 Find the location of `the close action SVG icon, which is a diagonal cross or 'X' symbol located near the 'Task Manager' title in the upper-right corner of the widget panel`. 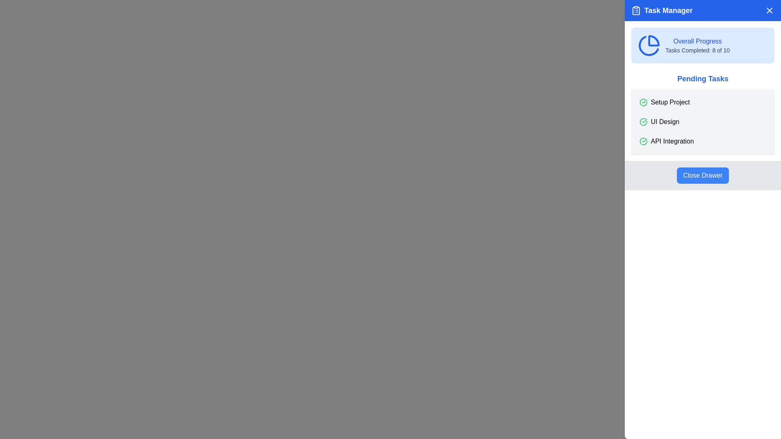

the close action SVG icon, which is a diagonal cross or 'X' symbol located near the 'Task Manager' title in the upper-right corner of the widget panel is located at coordinates (769, 11).